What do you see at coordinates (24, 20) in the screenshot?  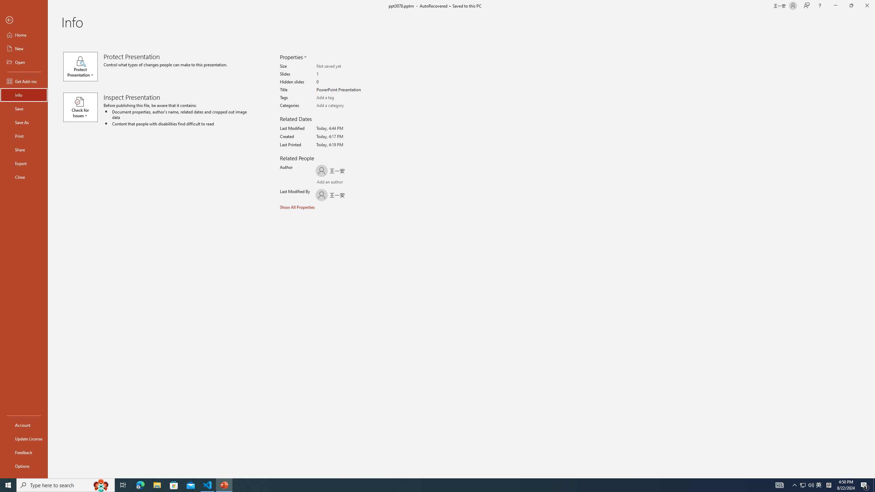 I see `'Back'` at bounding box center [24, 20].